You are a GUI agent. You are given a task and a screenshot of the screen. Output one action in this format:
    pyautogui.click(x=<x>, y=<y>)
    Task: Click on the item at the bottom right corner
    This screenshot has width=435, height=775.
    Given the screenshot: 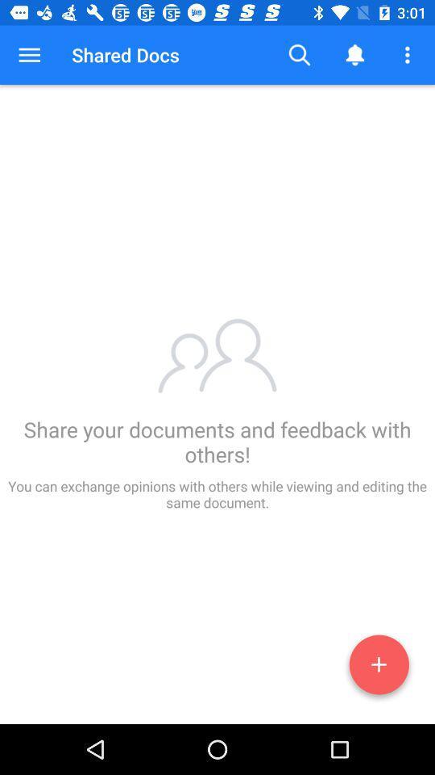 What is the action you would take?
    pyautogui.click(x=379, y=668)
    